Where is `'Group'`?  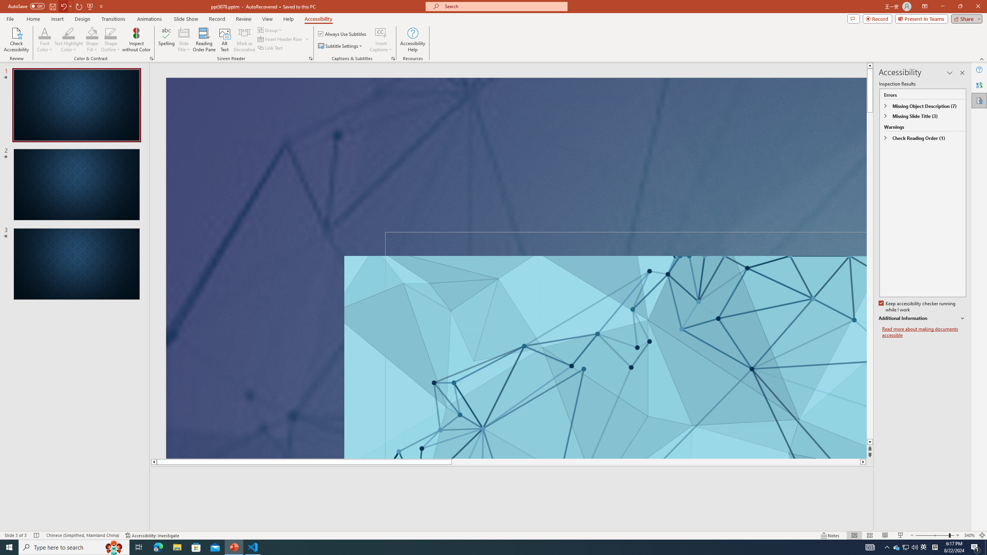
'Group' is located at coordinates (270, 30).